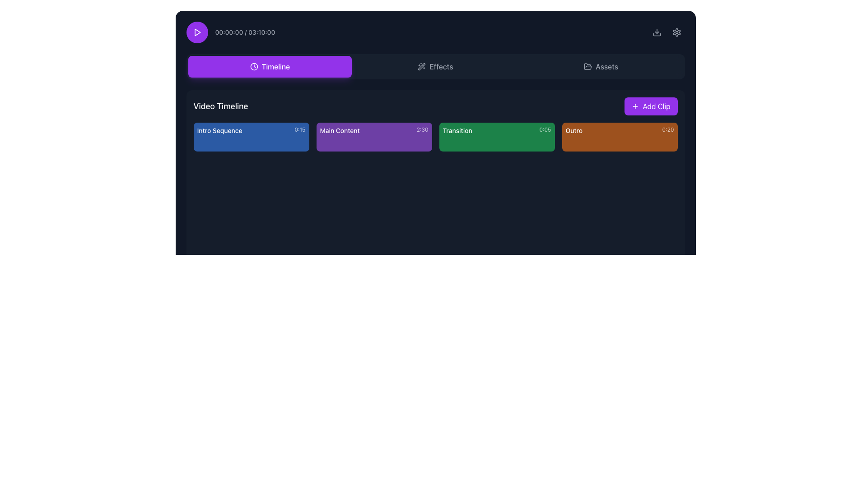 The image size is (867, 487). I want to click on the 'Effects' tab button, which is the second tab in the navigation set, so click(435, 66).